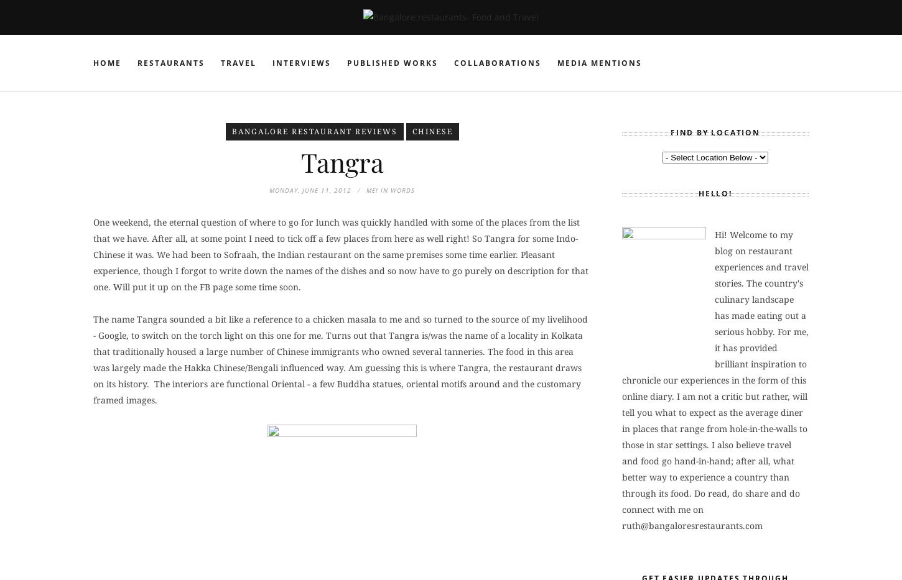  Describe the element at coordinates (431, 131) in the screenshot. I see `'Chinese'` at that location.